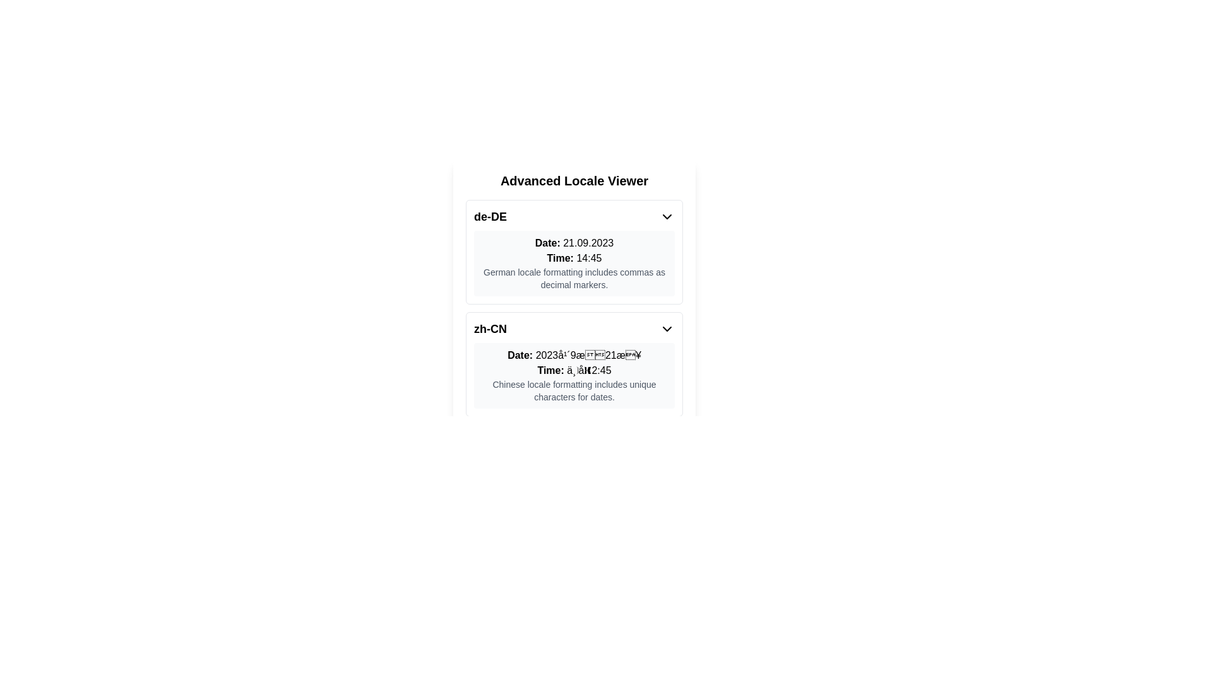 This screenshot has width=1212, height=681. Describe the element at coordinates (666, 328) in the screenshot. I see `the chevron-down icon located next to the 'zh-CN' label in the top-right corner` at that location.